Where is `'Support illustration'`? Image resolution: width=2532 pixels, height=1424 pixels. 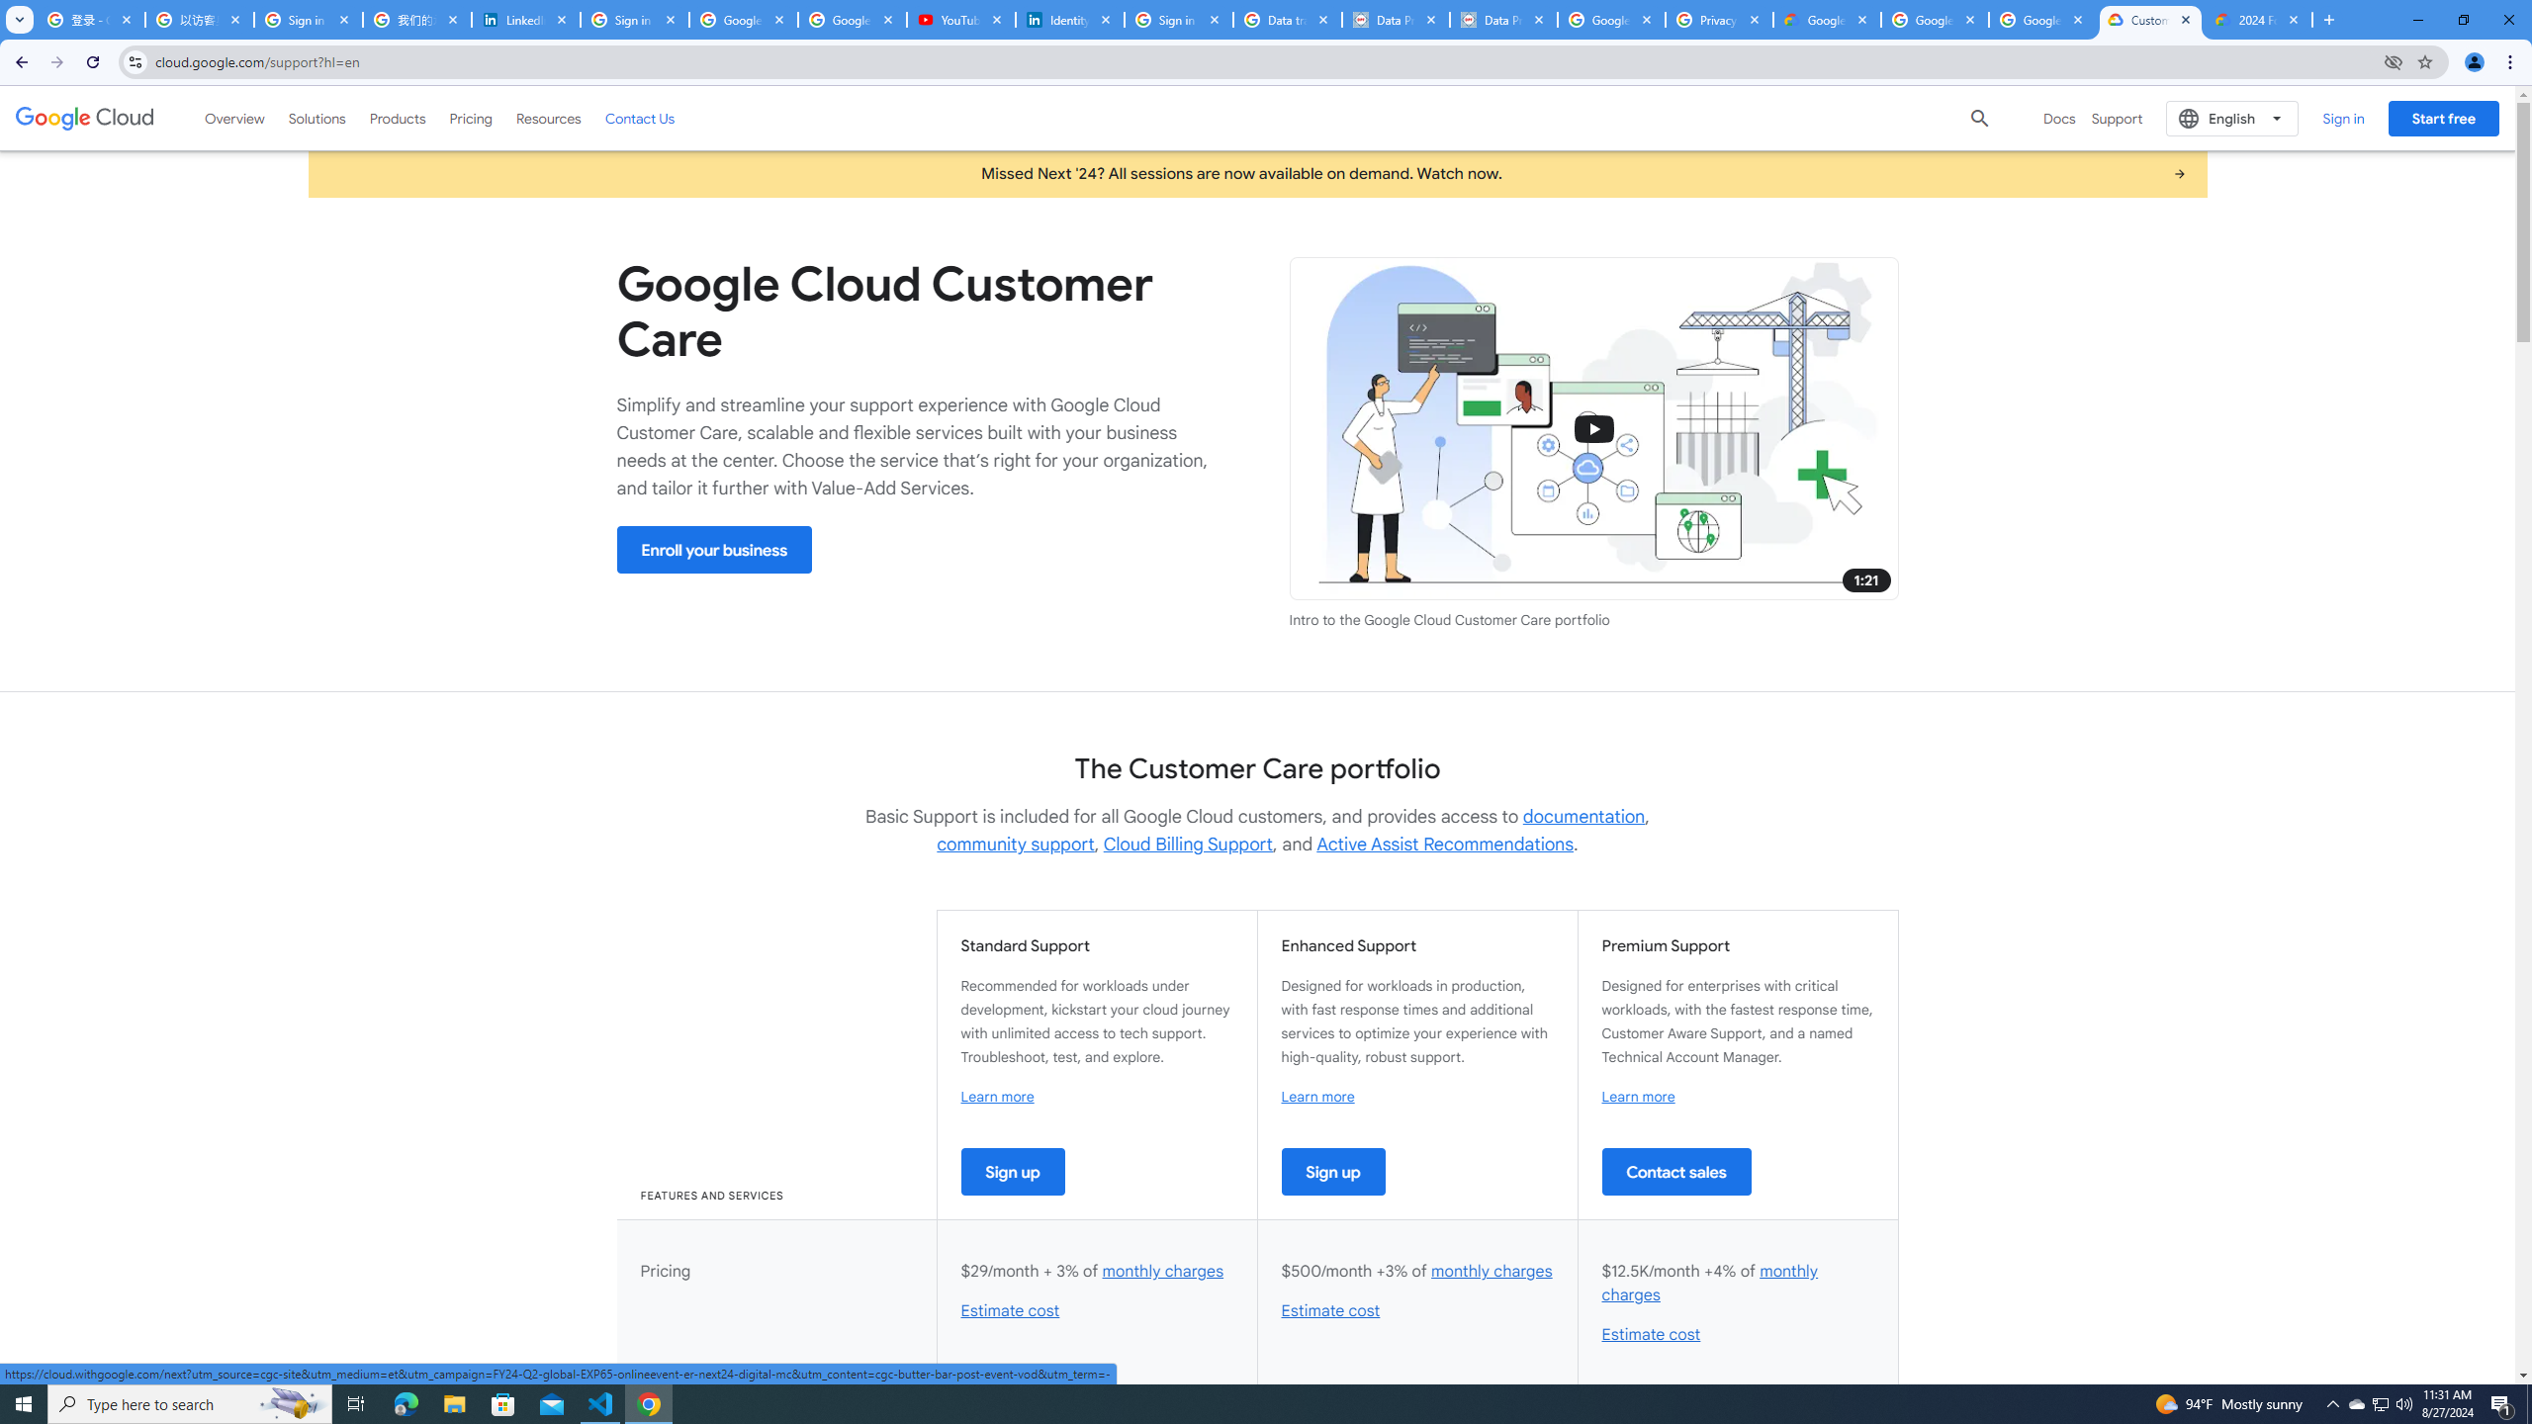 'Support illustration' is located at coordinates (1592, 428).